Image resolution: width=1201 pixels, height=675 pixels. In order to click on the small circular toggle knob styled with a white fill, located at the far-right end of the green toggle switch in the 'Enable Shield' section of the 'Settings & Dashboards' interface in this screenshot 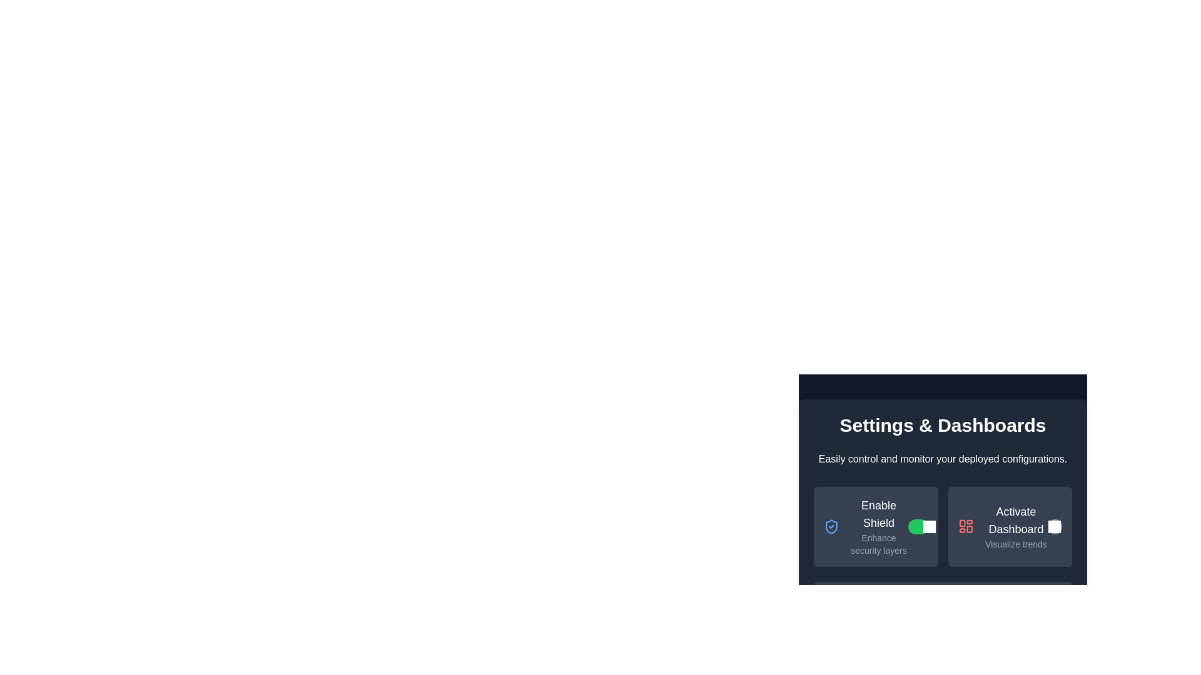, I will do `click(929, 527)`.